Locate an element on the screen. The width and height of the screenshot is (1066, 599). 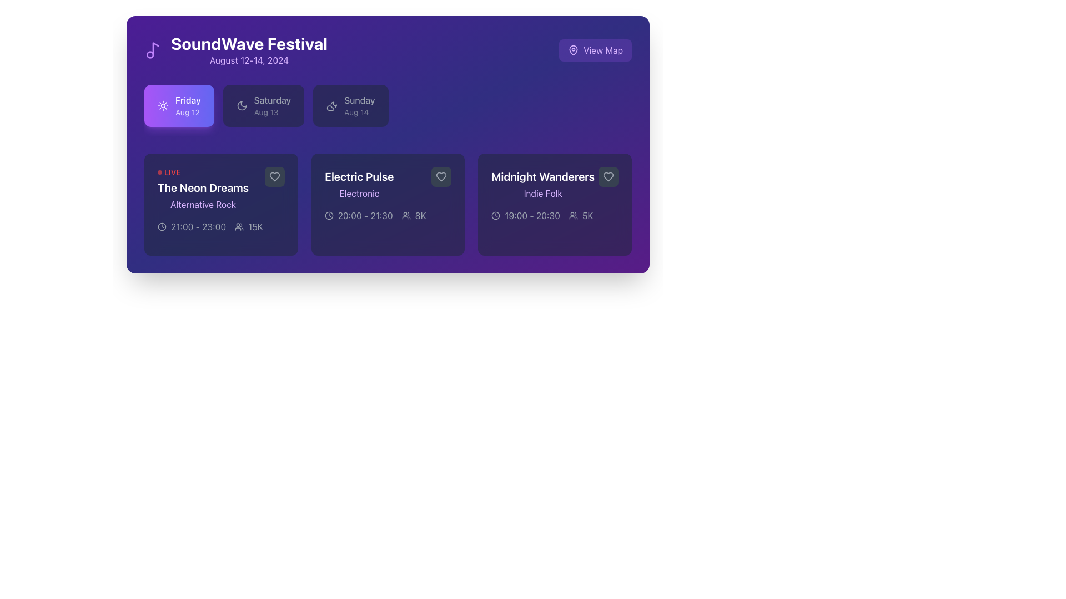
the circular SVG graphic element inside the clock icon, which is located next to the 'Sunday, Aug 14' button is located at coordinates (162, 226).